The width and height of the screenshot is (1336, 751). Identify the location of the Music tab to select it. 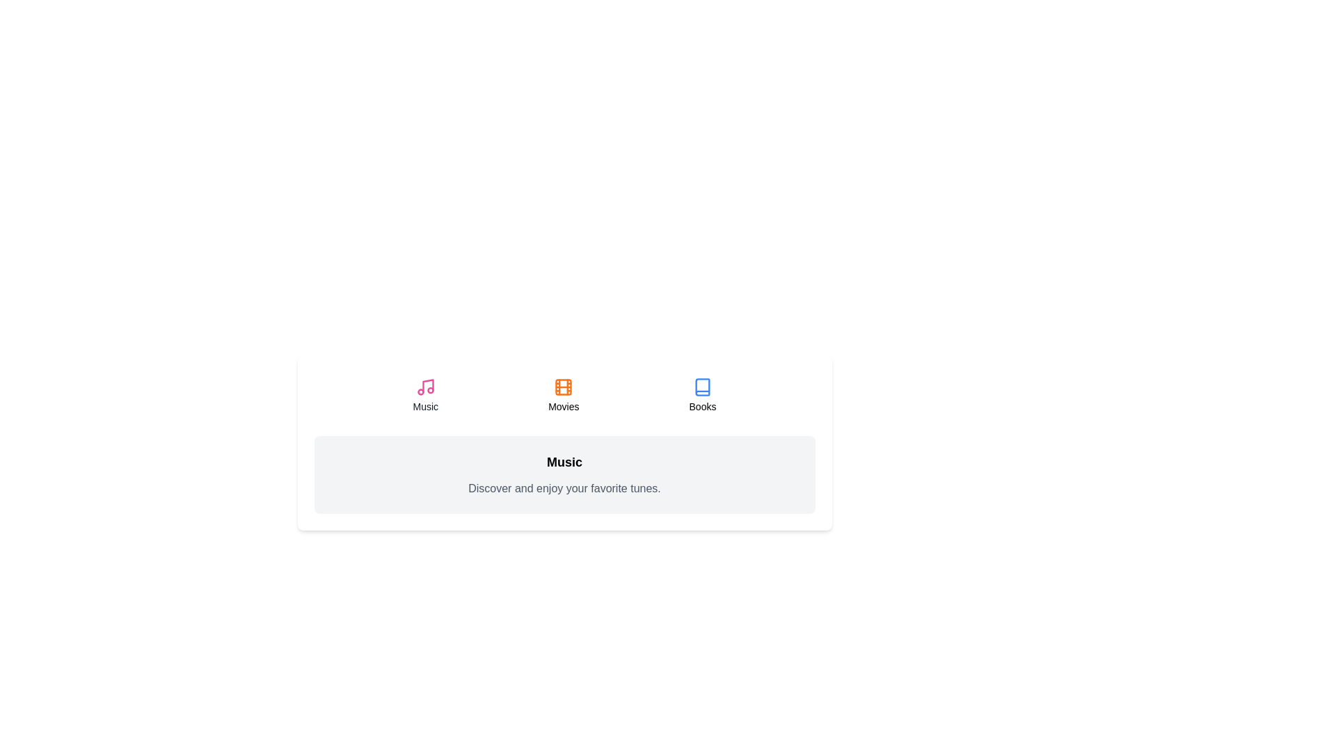
(424, 396).